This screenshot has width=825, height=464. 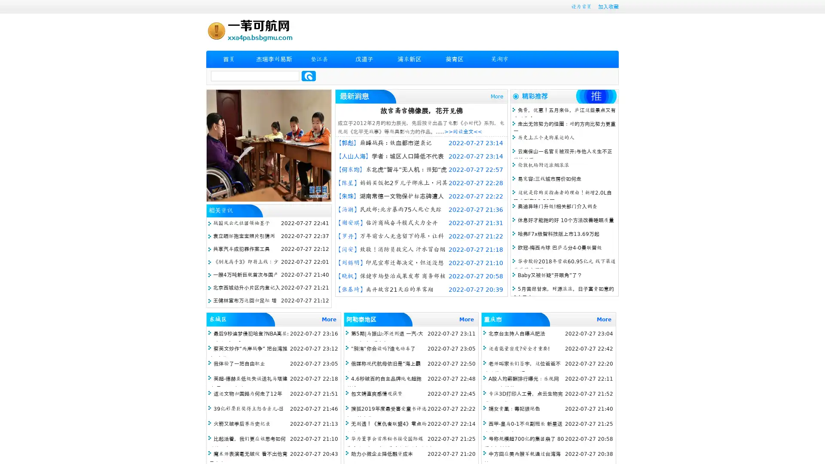 What do you see at coordinates (309, 76) in the screenshot?
I see `Search` at bounding box center [309, 76].